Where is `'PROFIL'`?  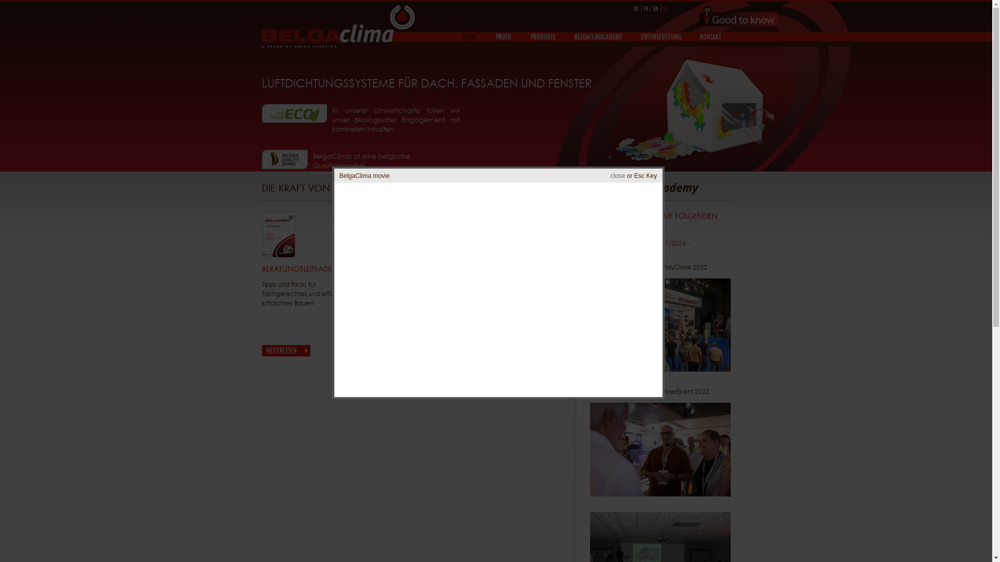 'PROFIL' is located at coordinates (504, 36).